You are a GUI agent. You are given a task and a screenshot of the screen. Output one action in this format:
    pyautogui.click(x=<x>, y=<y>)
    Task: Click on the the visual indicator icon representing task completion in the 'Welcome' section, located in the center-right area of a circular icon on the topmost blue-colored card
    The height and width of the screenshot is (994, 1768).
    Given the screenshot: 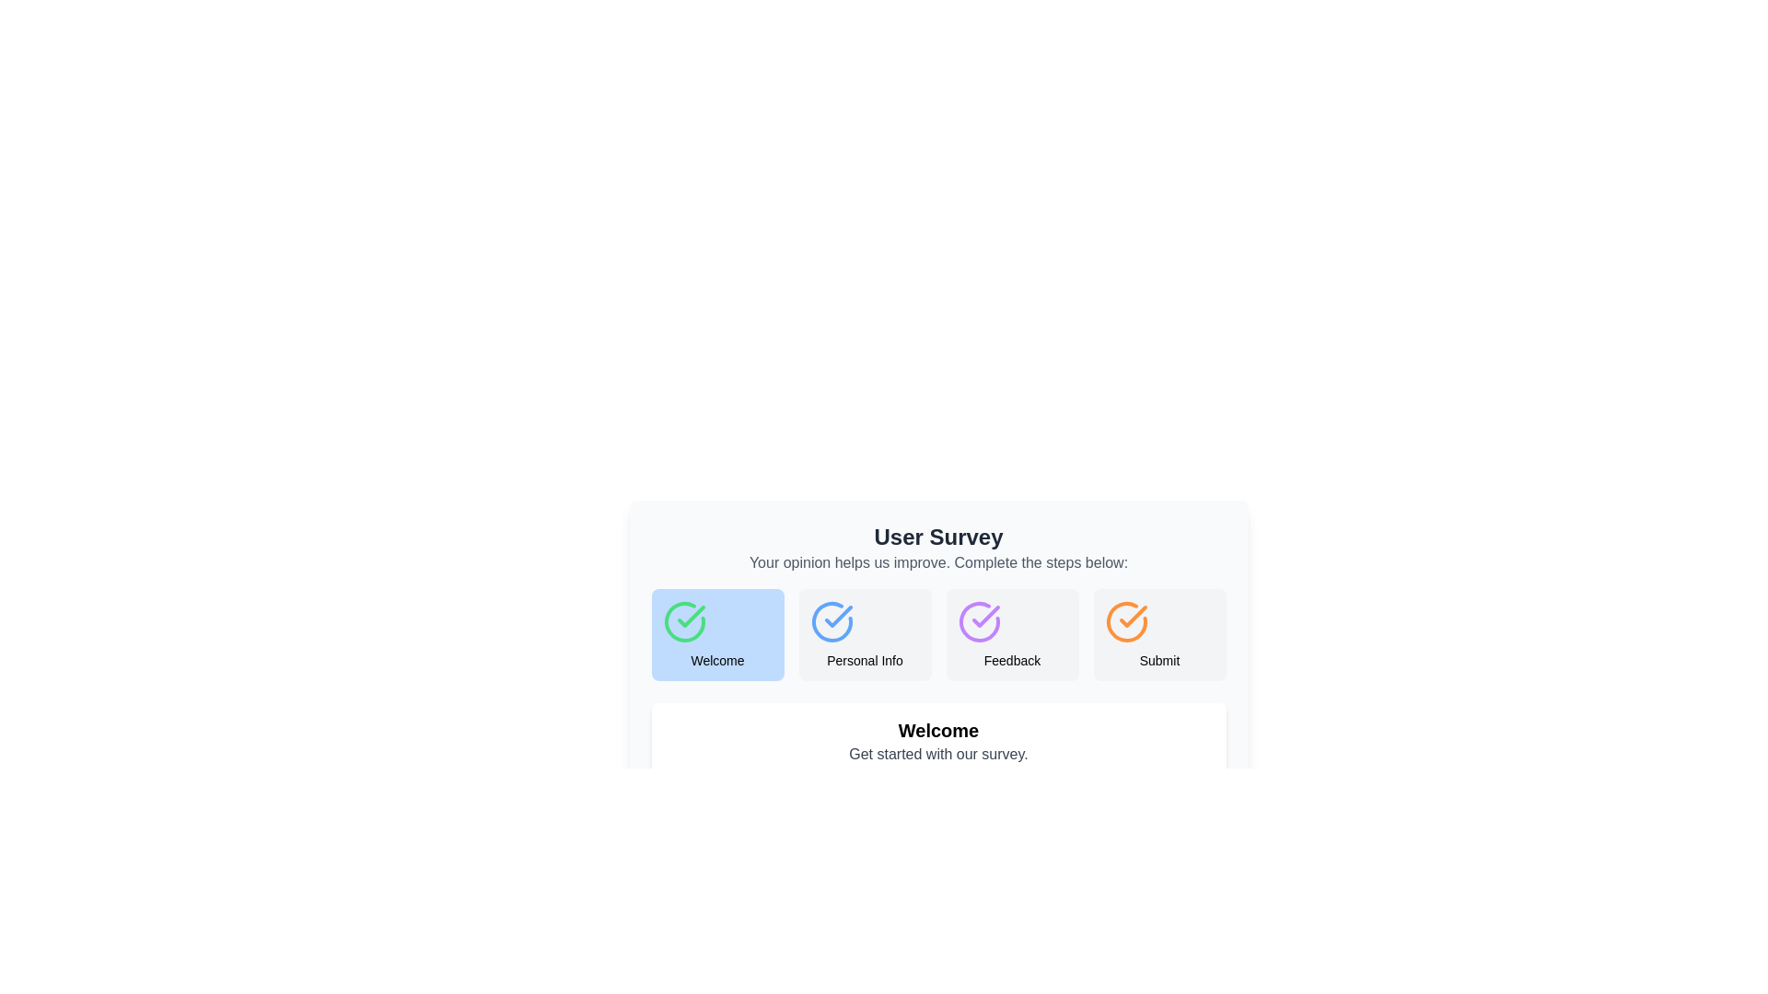 What is the action you would take?
    pyautogui.click(x=690, y=617)
    